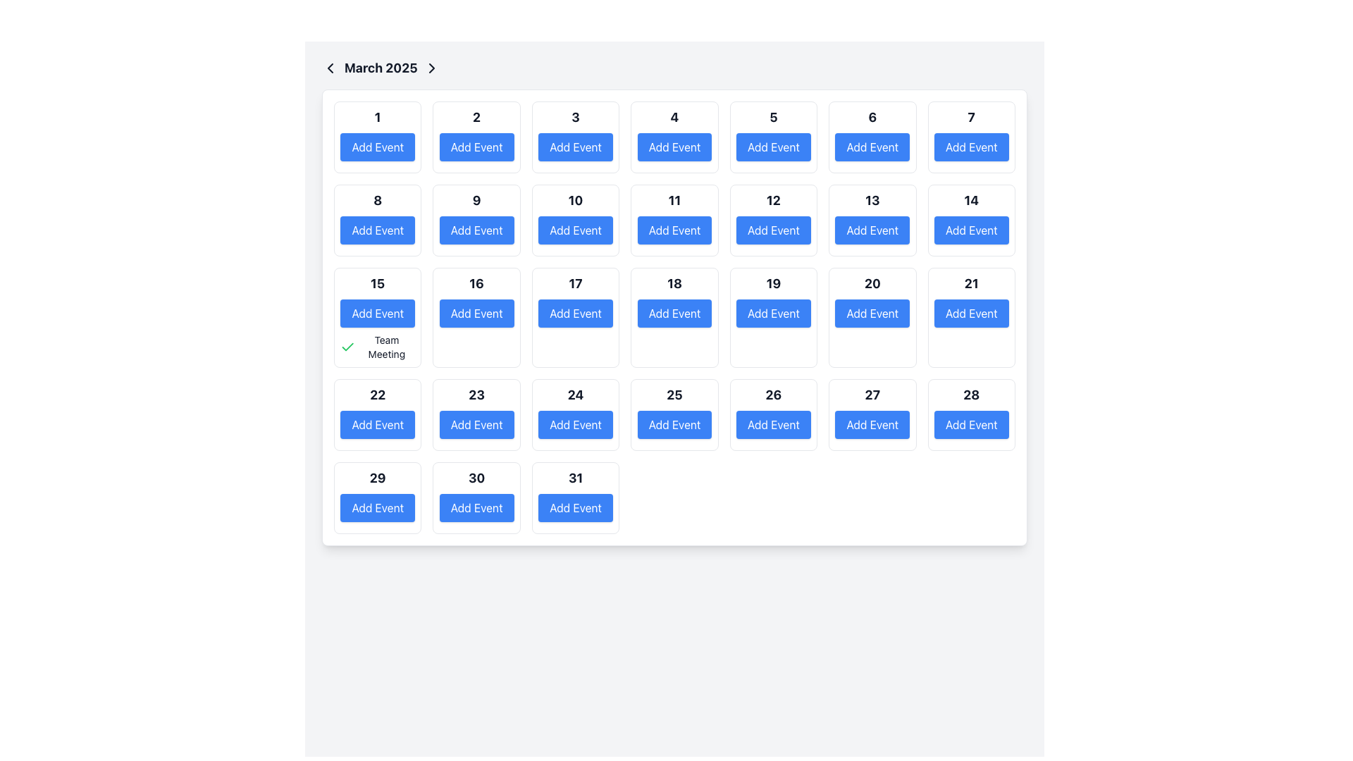 The width and height of the screenshot is (1353, 761). What do you see at coordinates (378, 395) in the screenshot?
I see `the static text indicating the date number '22' in the calendar interface, located above the blue 'Add Event' button` at bounding box center [378, 395].